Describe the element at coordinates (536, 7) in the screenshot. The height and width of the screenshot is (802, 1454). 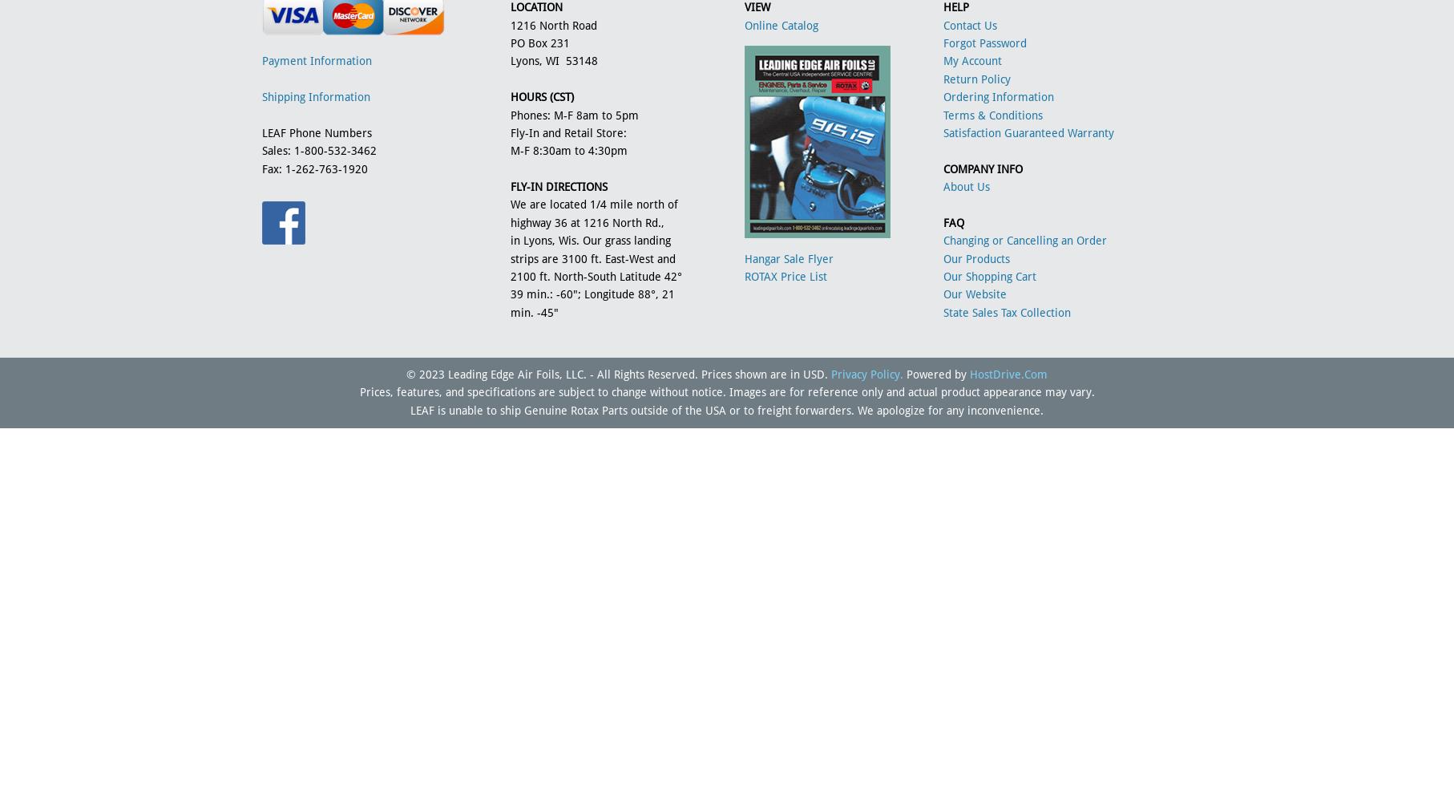
I see `'LOCATION'` at that location.